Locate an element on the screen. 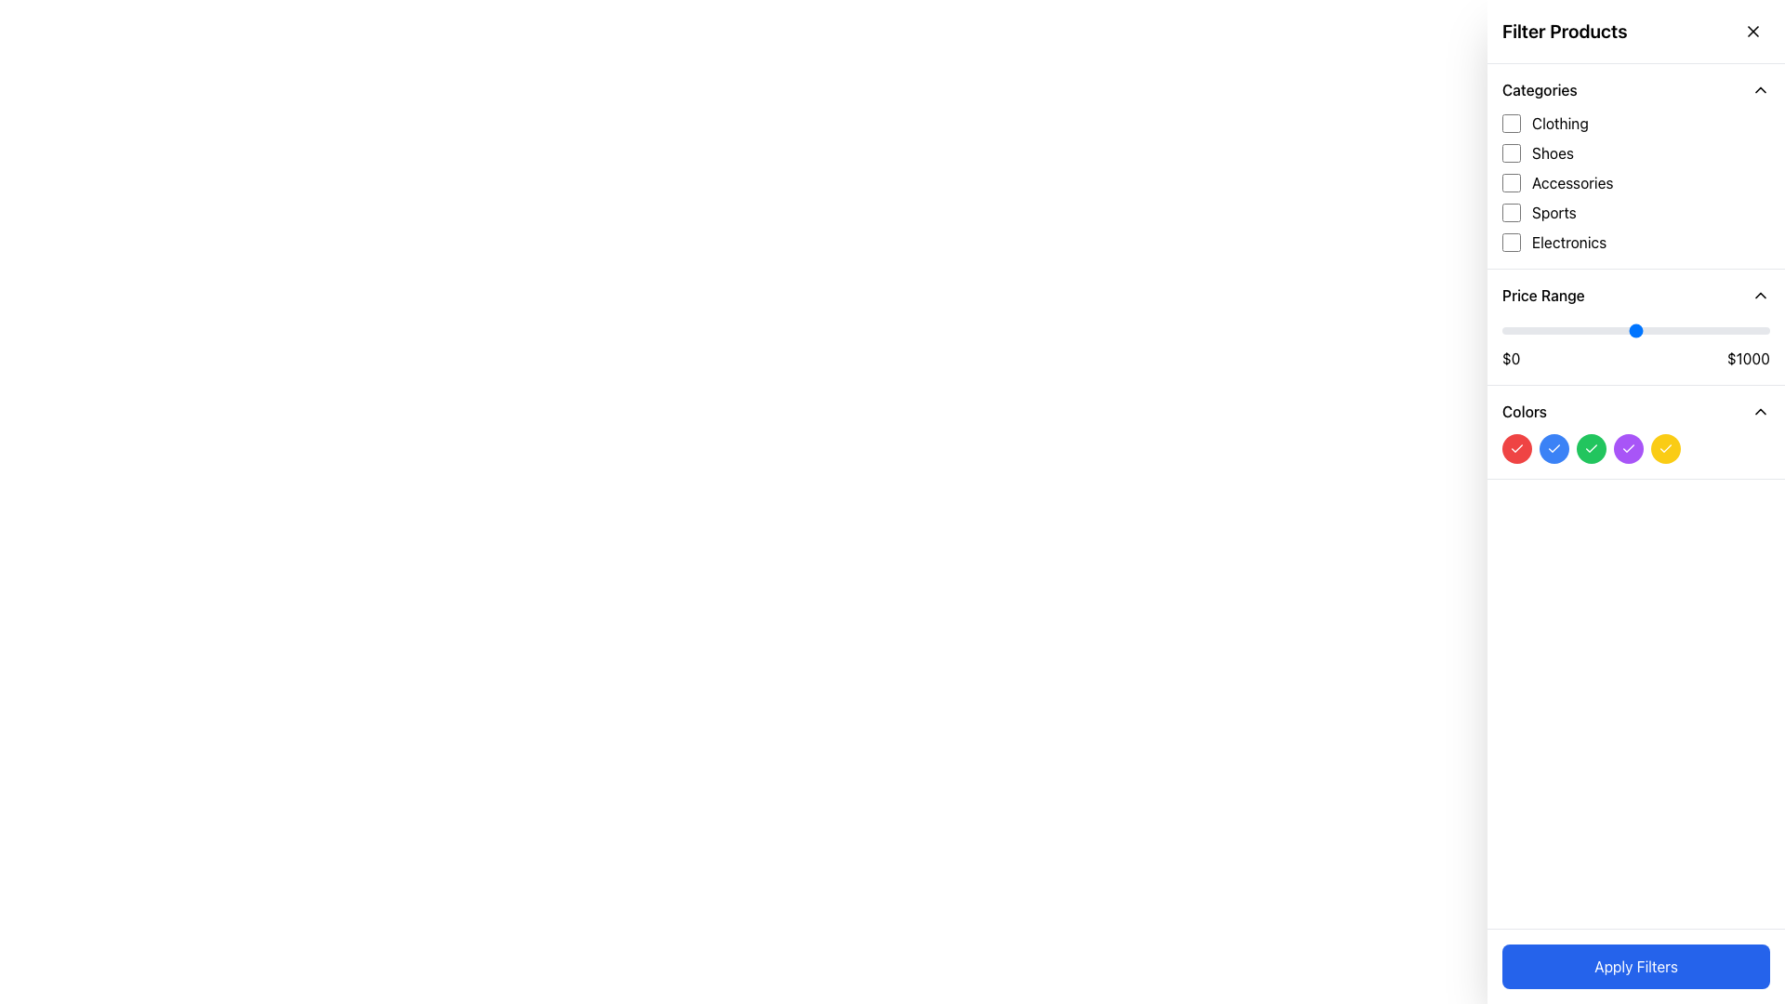 The width and height of the screenshot is (1785, 1004). the price range slider is located at coordinates (1633, 329).